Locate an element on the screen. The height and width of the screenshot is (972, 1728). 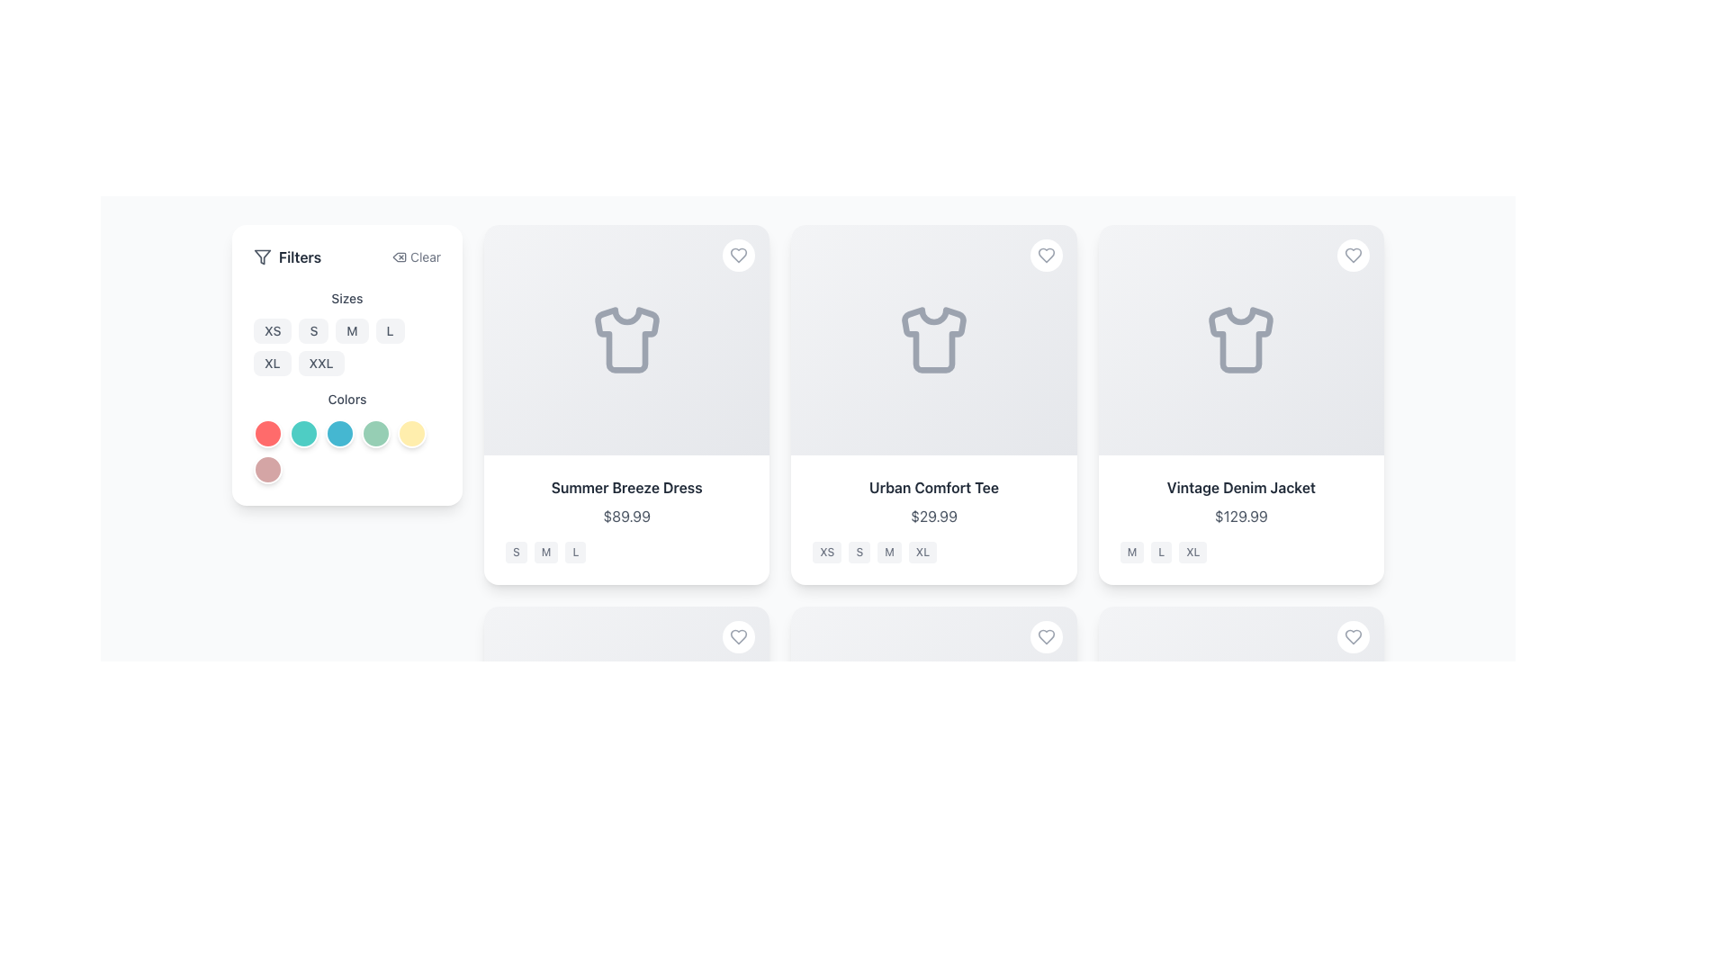
the circular button with a greenish background and a white border located in the 'Colors' filter panel is located at coordinates (374, 434).